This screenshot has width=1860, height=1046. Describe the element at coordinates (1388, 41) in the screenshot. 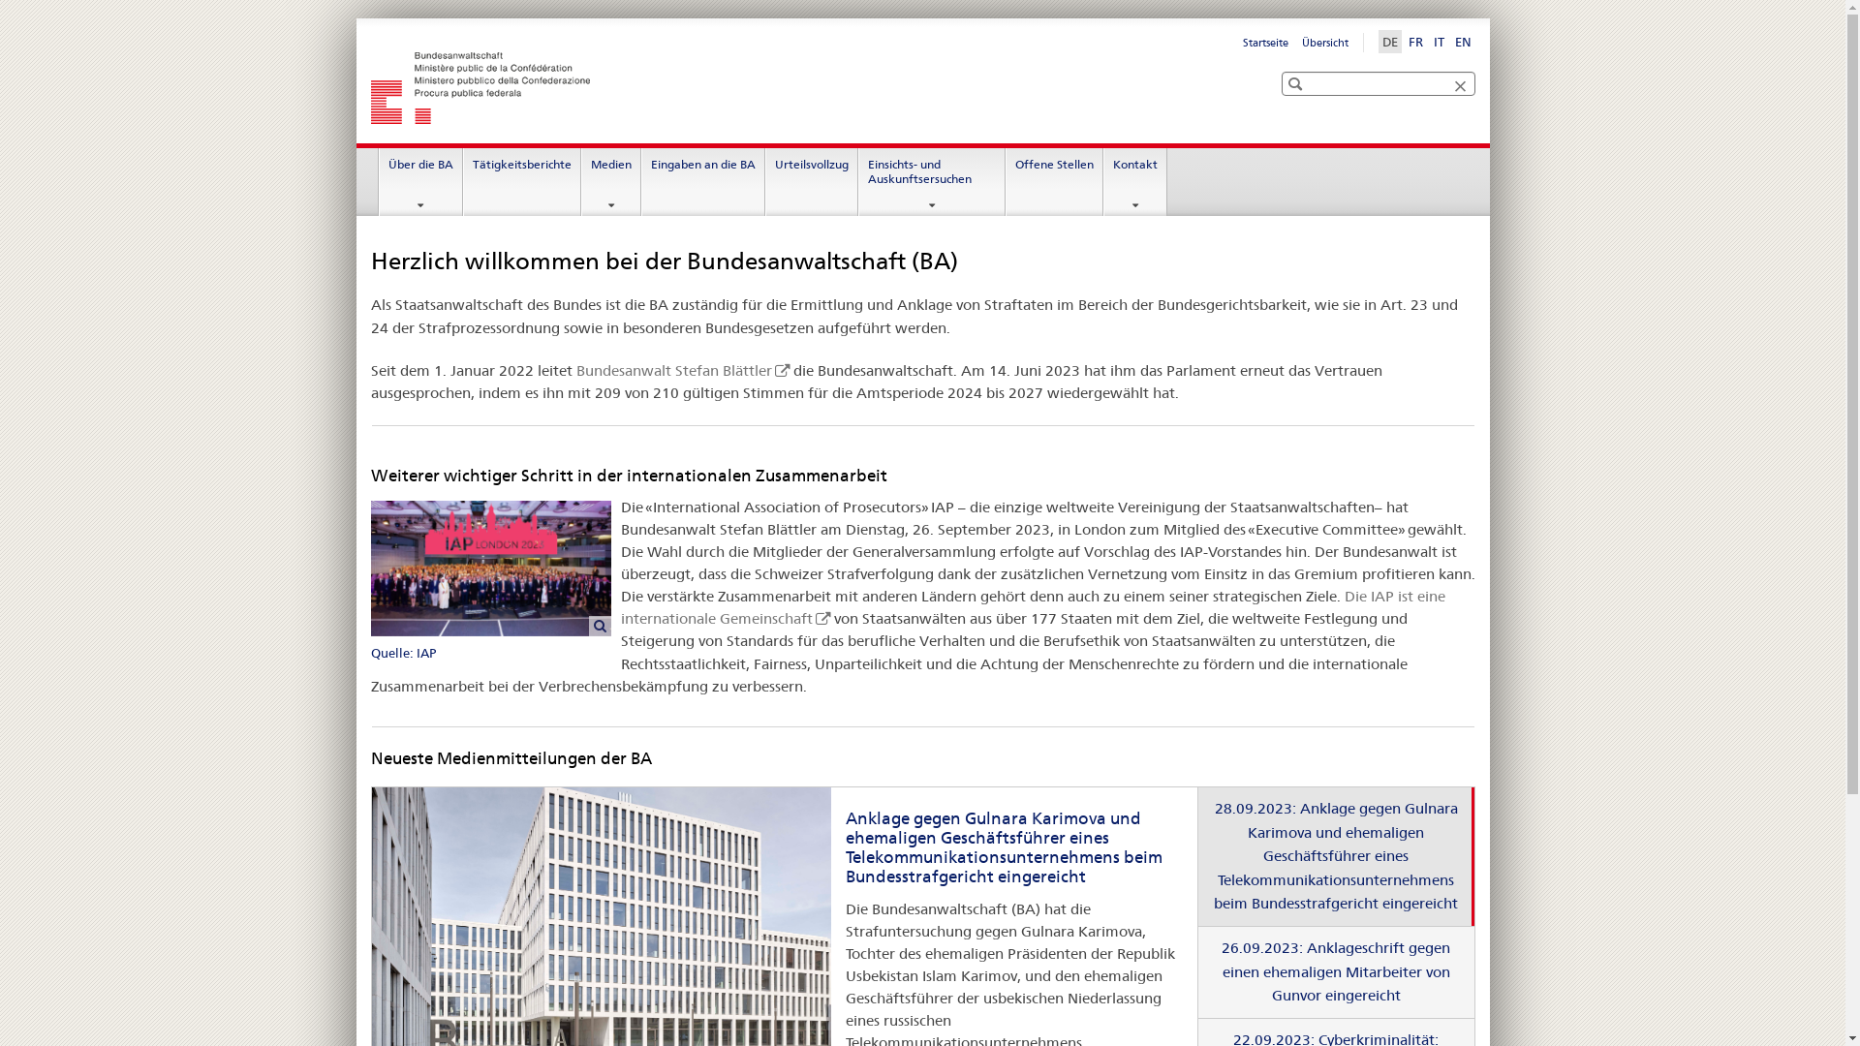

I see `'DE'` at that location.